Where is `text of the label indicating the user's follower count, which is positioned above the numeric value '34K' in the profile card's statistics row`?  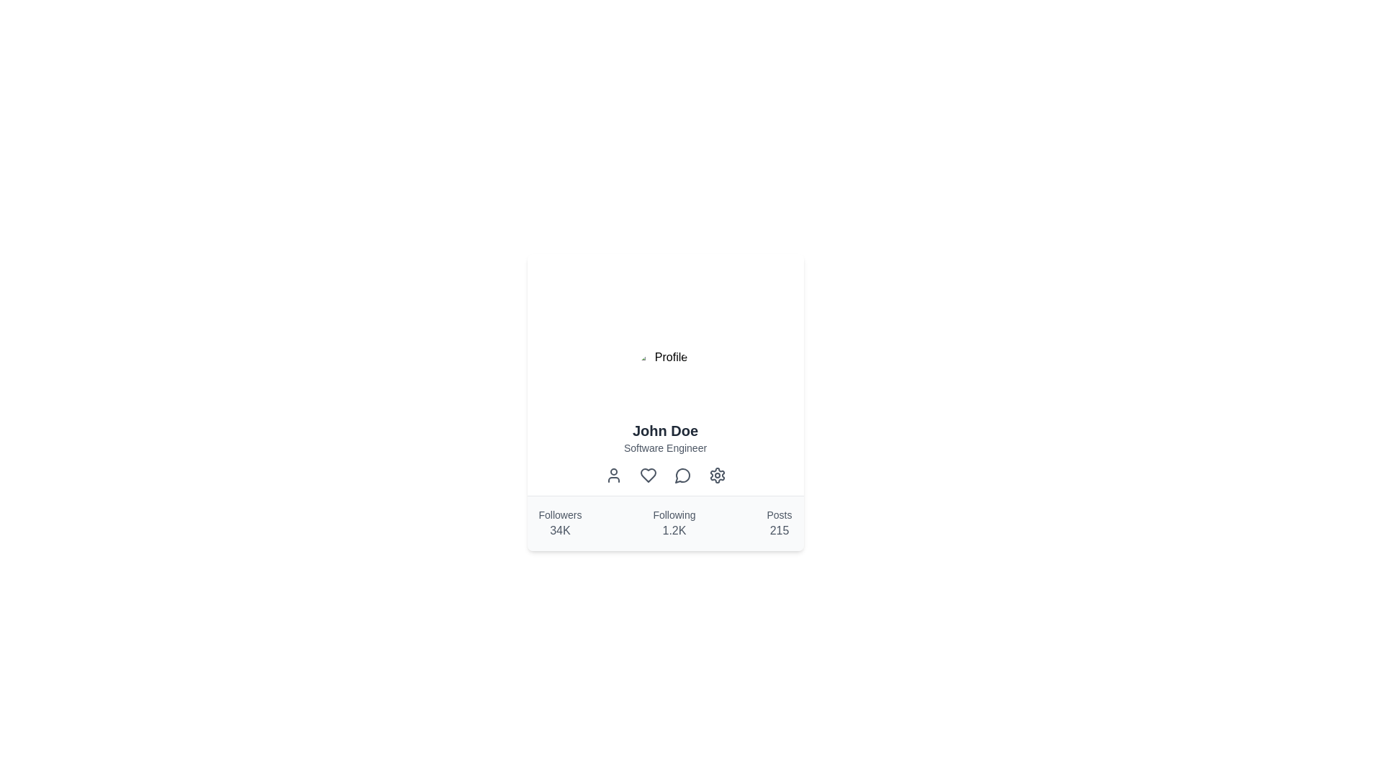
text of the label indicating the user's follower count, which is positioned above the numeric value '34K' in the profile card's statistics row is located at coordinates (559, 514).